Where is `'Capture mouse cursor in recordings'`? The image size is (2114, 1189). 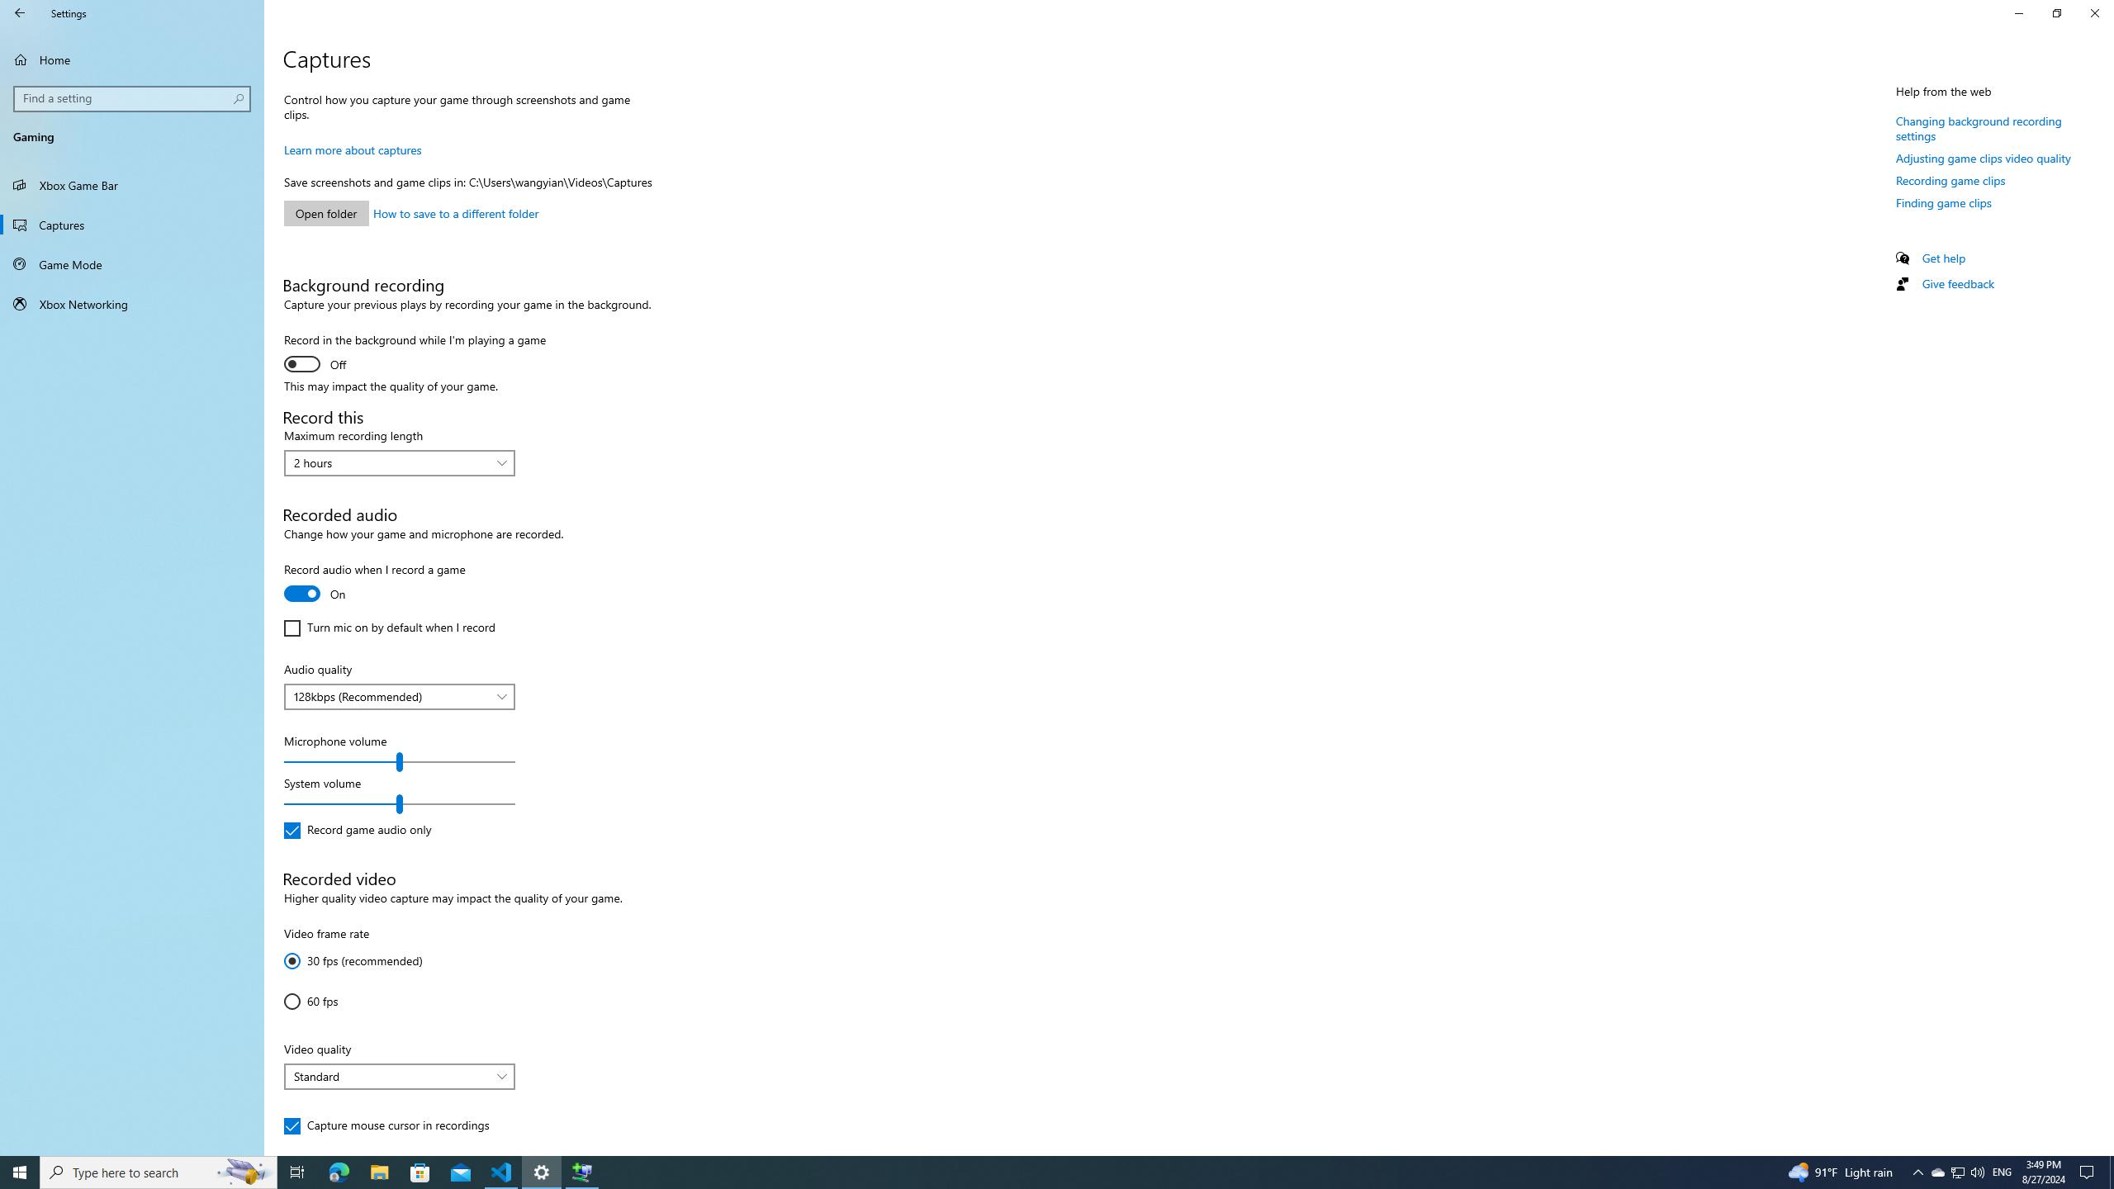 'Capture mouse cursor in recordings' is located at coordinates (386, 1125).